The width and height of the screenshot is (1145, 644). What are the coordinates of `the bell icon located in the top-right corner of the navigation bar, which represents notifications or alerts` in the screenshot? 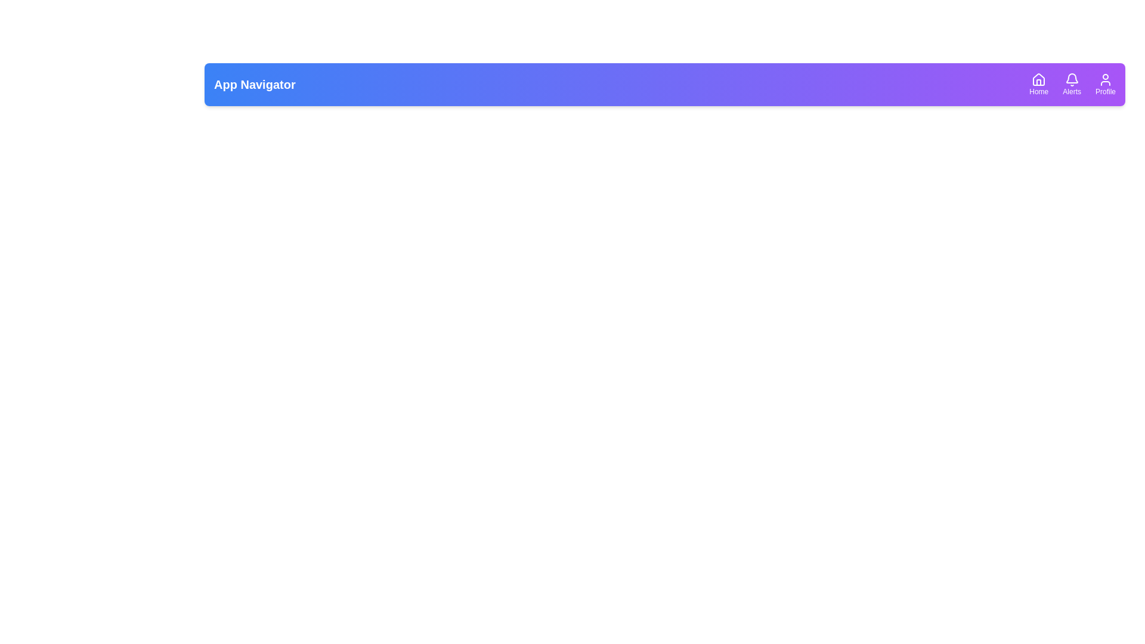 It's located at (1072, 80).